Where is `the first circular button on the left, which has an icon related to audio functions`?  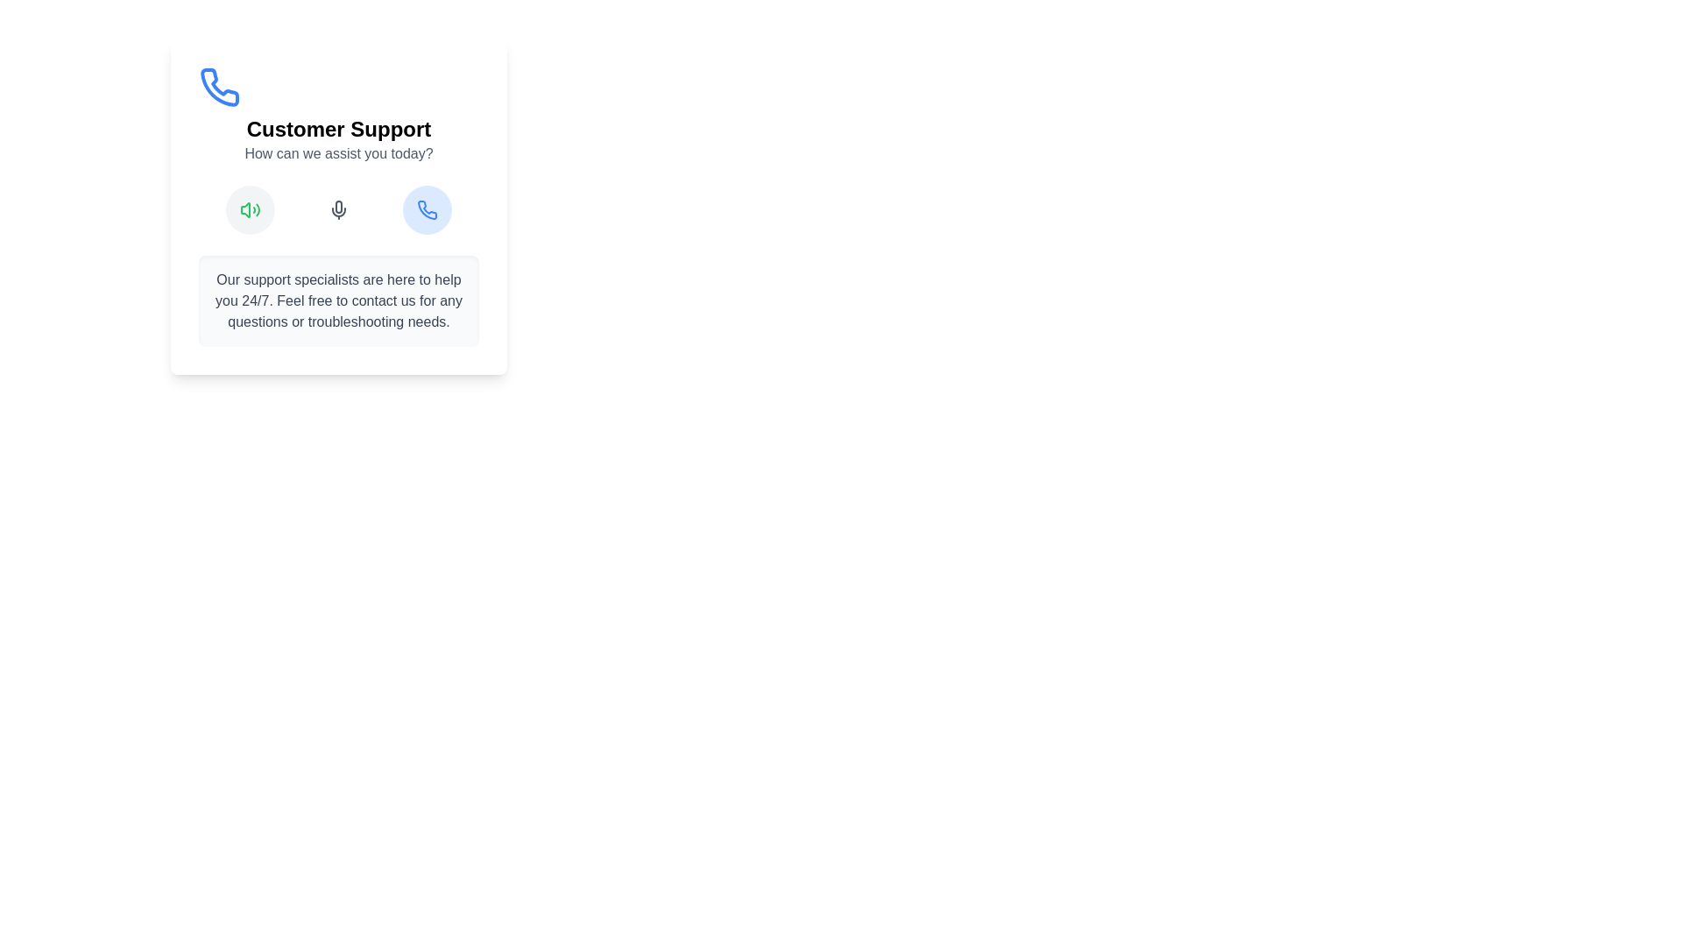 the first circular button on the left, which has an icon related to audio functions is located at coordinates (249, 208).